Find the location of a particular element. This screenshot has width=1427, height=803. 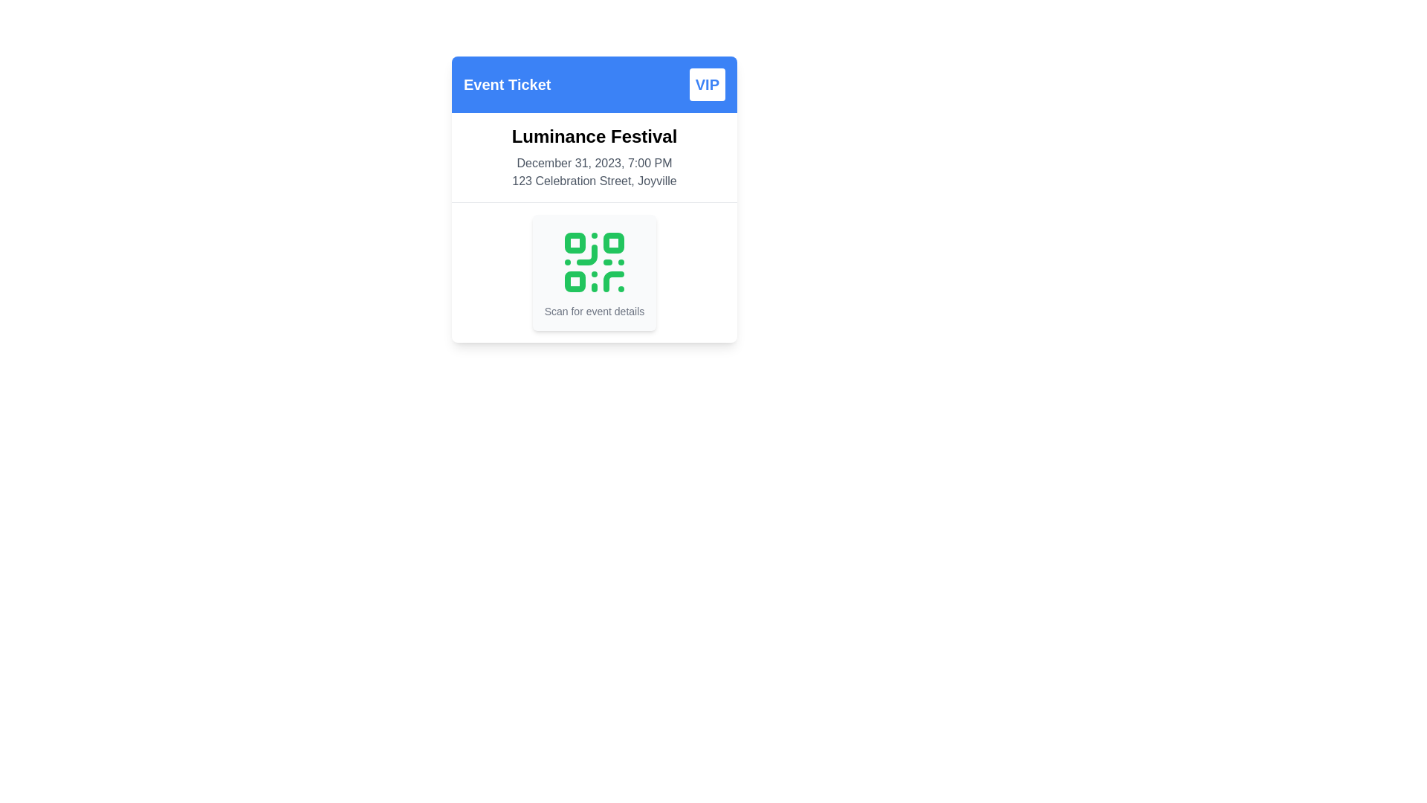

the static text field displaying '123 Celebration Street, Joyville', which is located below the date and time text and above the QR code section in the ticket UI is located at coordinates (595, 180).